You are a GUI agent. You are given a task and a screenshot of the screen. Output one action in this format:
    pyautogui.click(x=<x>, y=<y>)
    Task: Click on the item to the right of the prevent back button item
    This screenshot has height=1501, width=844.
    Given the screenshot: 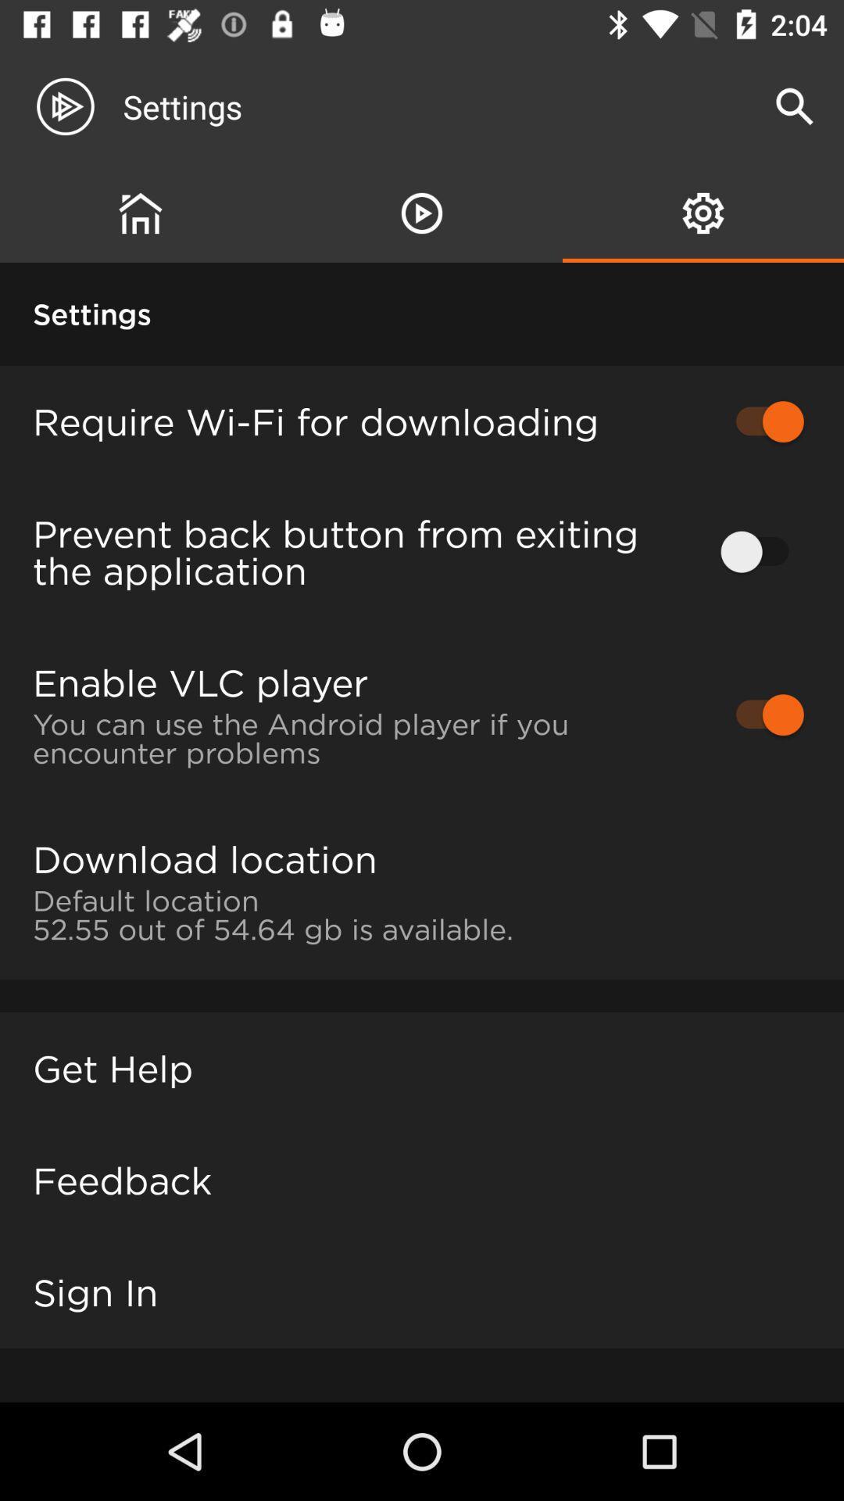 What is the action you would take?
    pyautogui.click(x=761, y=552)
    